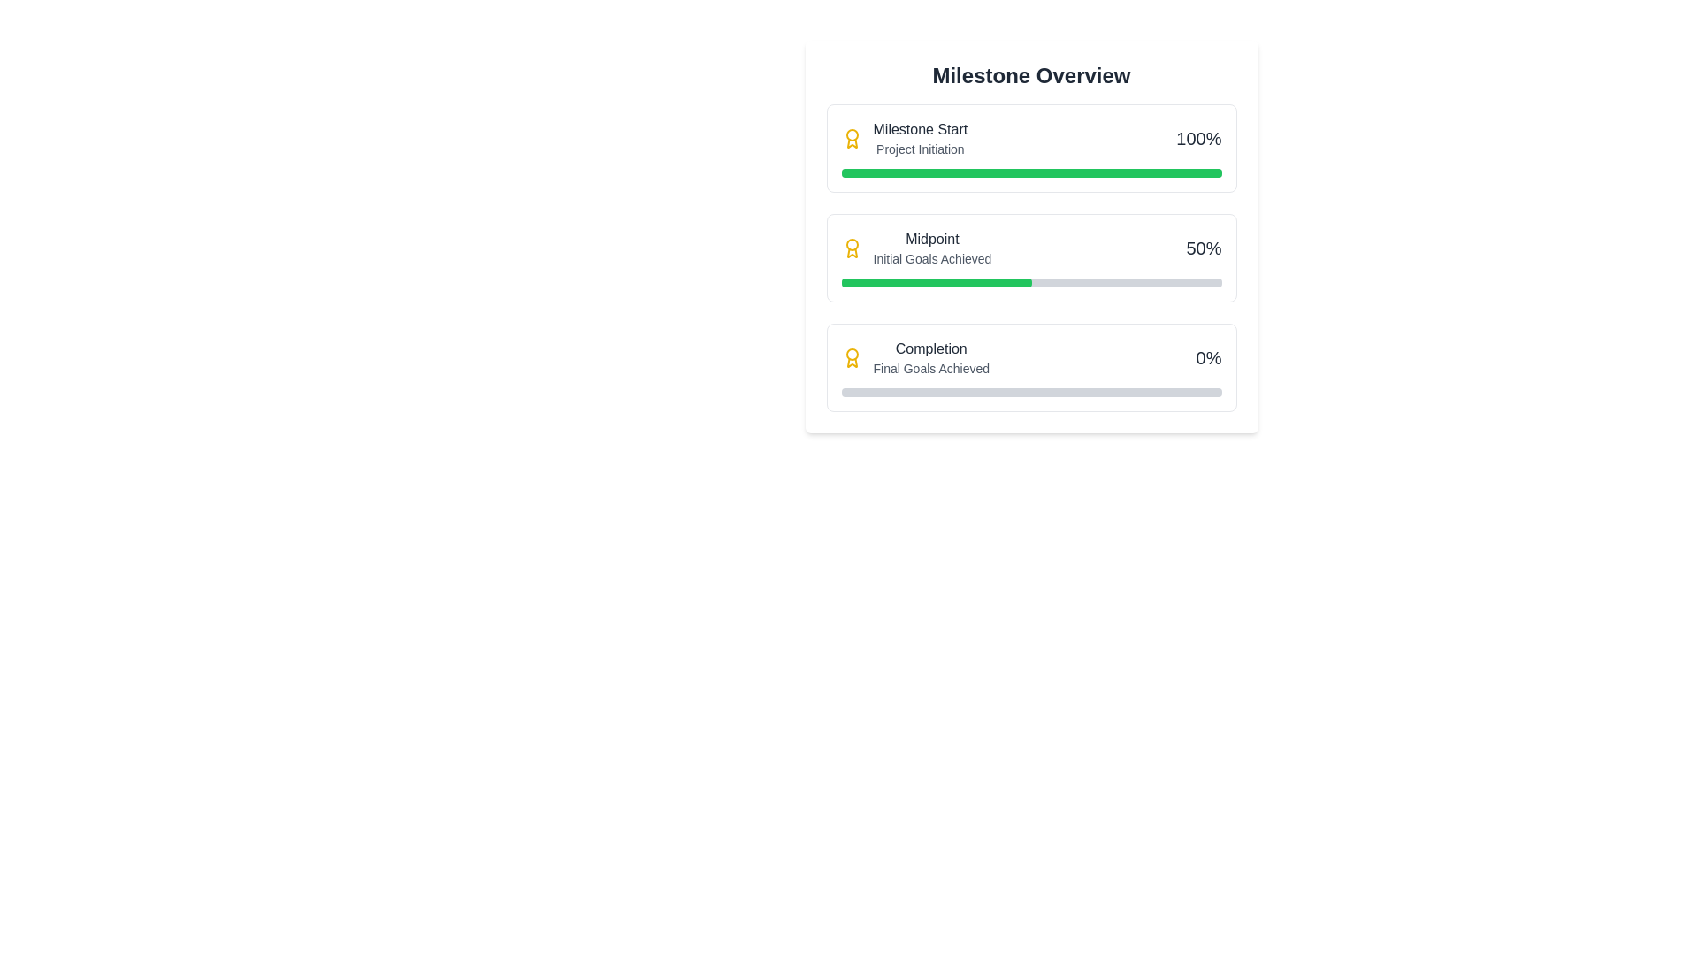 This screenshot has width=1698, height=955. I want to click on the text label displaying 'Completion' which is part of the third milestone entry in the milestone overview section, so click(930, 348).